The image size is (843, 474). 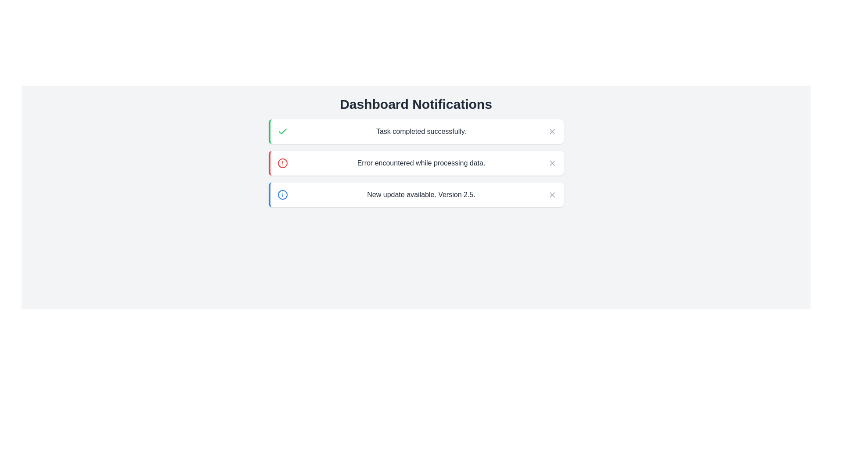 What do you see at coordinates (551, 194) in the screenshot?
I see `the Close button in the top-right corner of the notification card labeled 'New update available. Version 2.5.'` at bounding box center [551, 194].